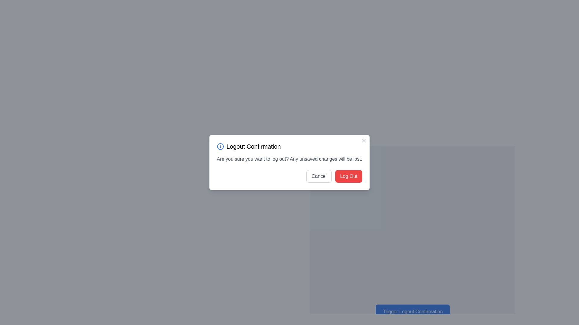  Describe the element at coordinates (412, 309) in the screenshot. I see `the rectangular button with rounded corners, blue background, and white text labeled 'Trigger Logout Confirmation'` at that location.